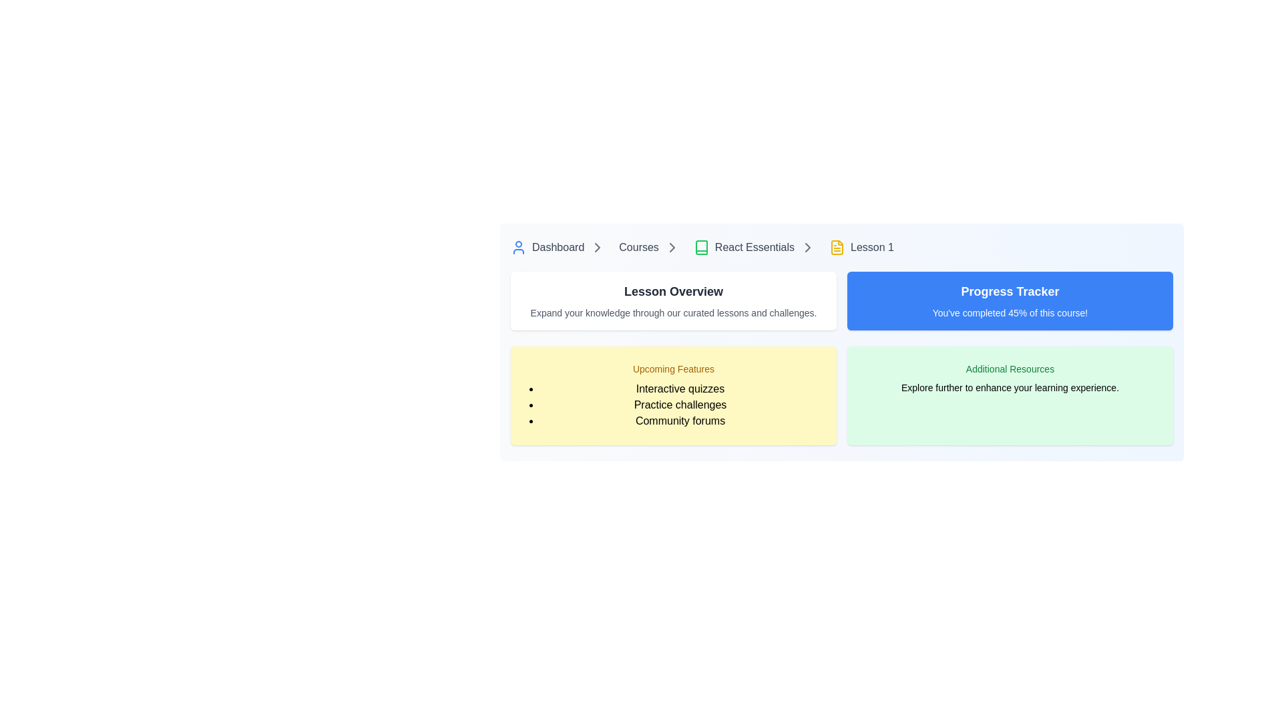  What do you see at coordinates (548, 247) in the screenshot?
I see `the 'Dashboard' hyperlink with a user silhouette icon` at bounding box center [548, 247].